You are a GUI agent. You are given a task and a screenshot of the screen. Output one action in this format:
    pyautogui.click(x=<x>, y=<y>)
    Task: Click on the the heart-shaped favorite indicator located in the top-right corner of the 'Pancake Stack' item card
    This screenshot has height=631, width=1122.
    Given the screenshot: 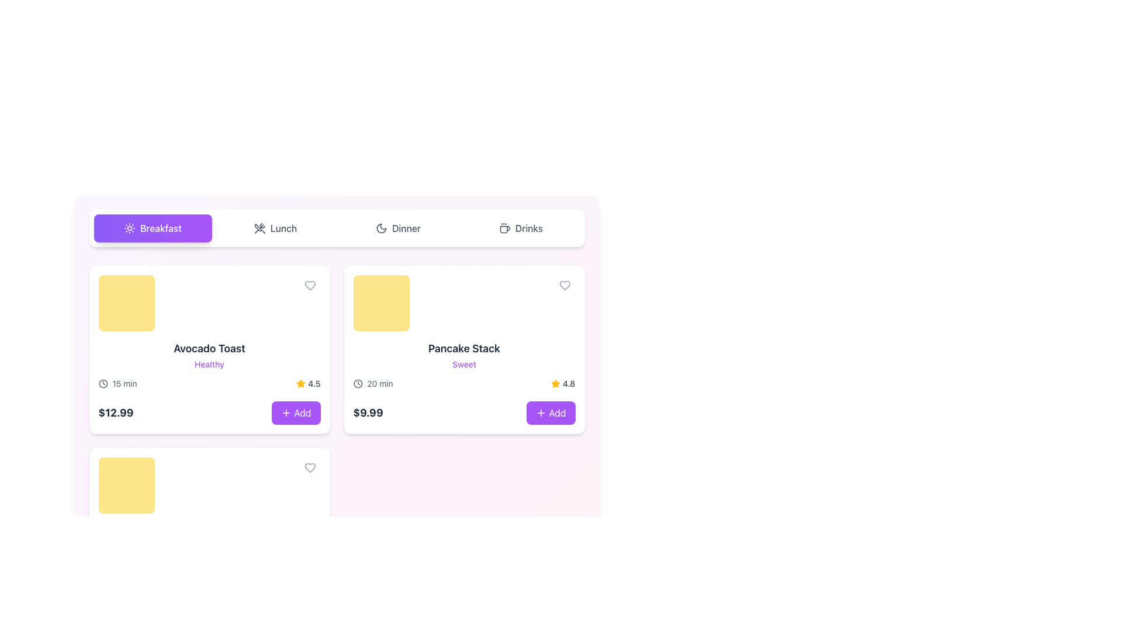 What is the action you would take?
    pyautogui.click(x=565, y=286)
    